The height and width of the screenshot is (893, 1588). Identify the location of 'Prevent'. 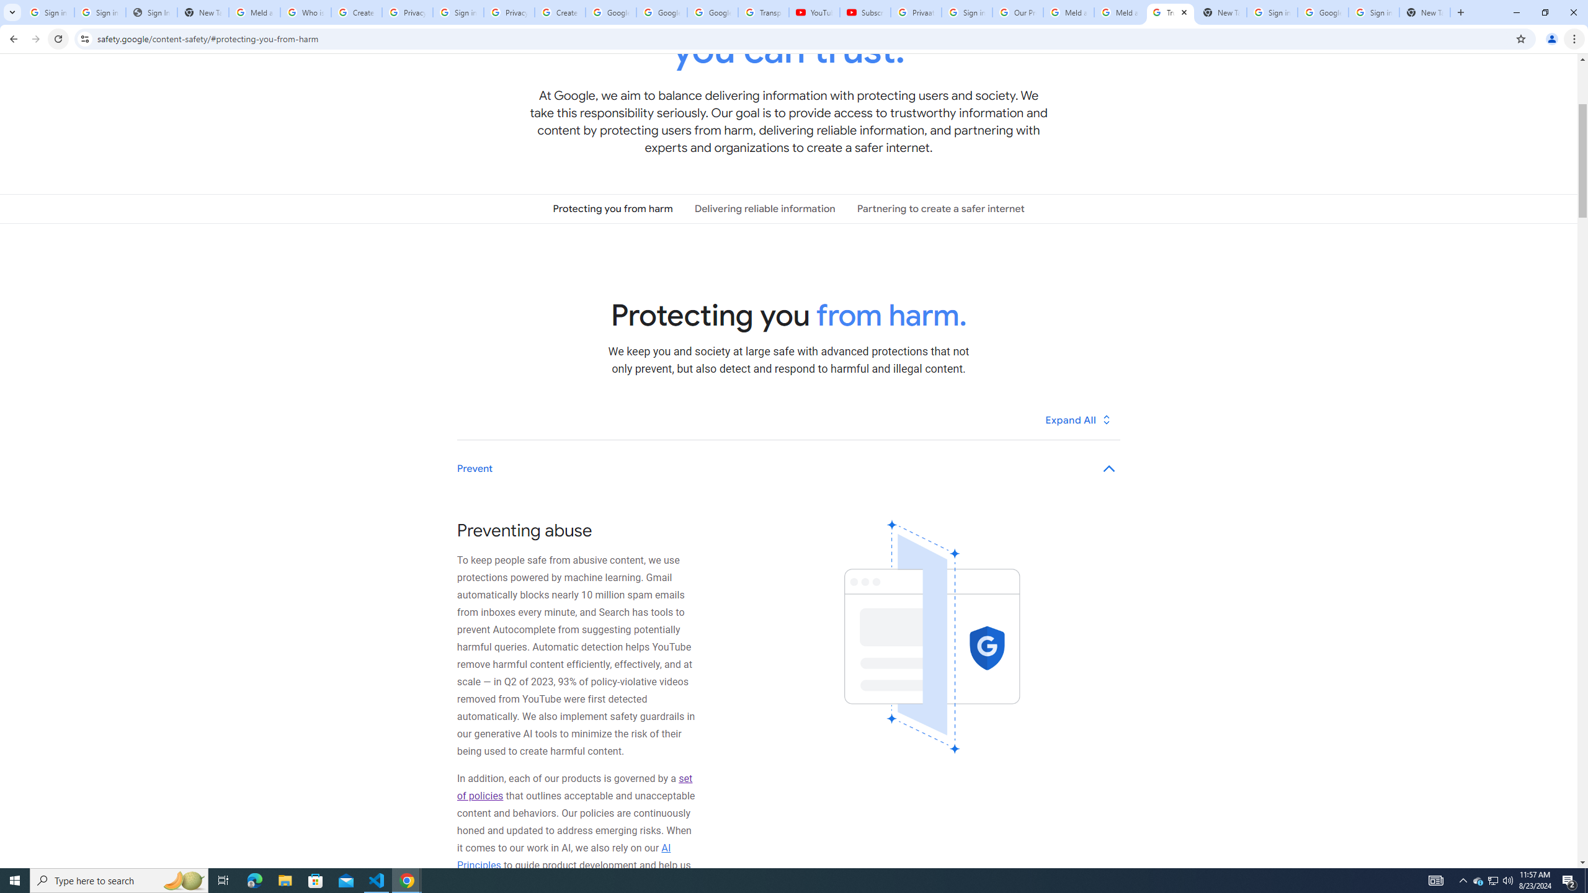
(788, 468).